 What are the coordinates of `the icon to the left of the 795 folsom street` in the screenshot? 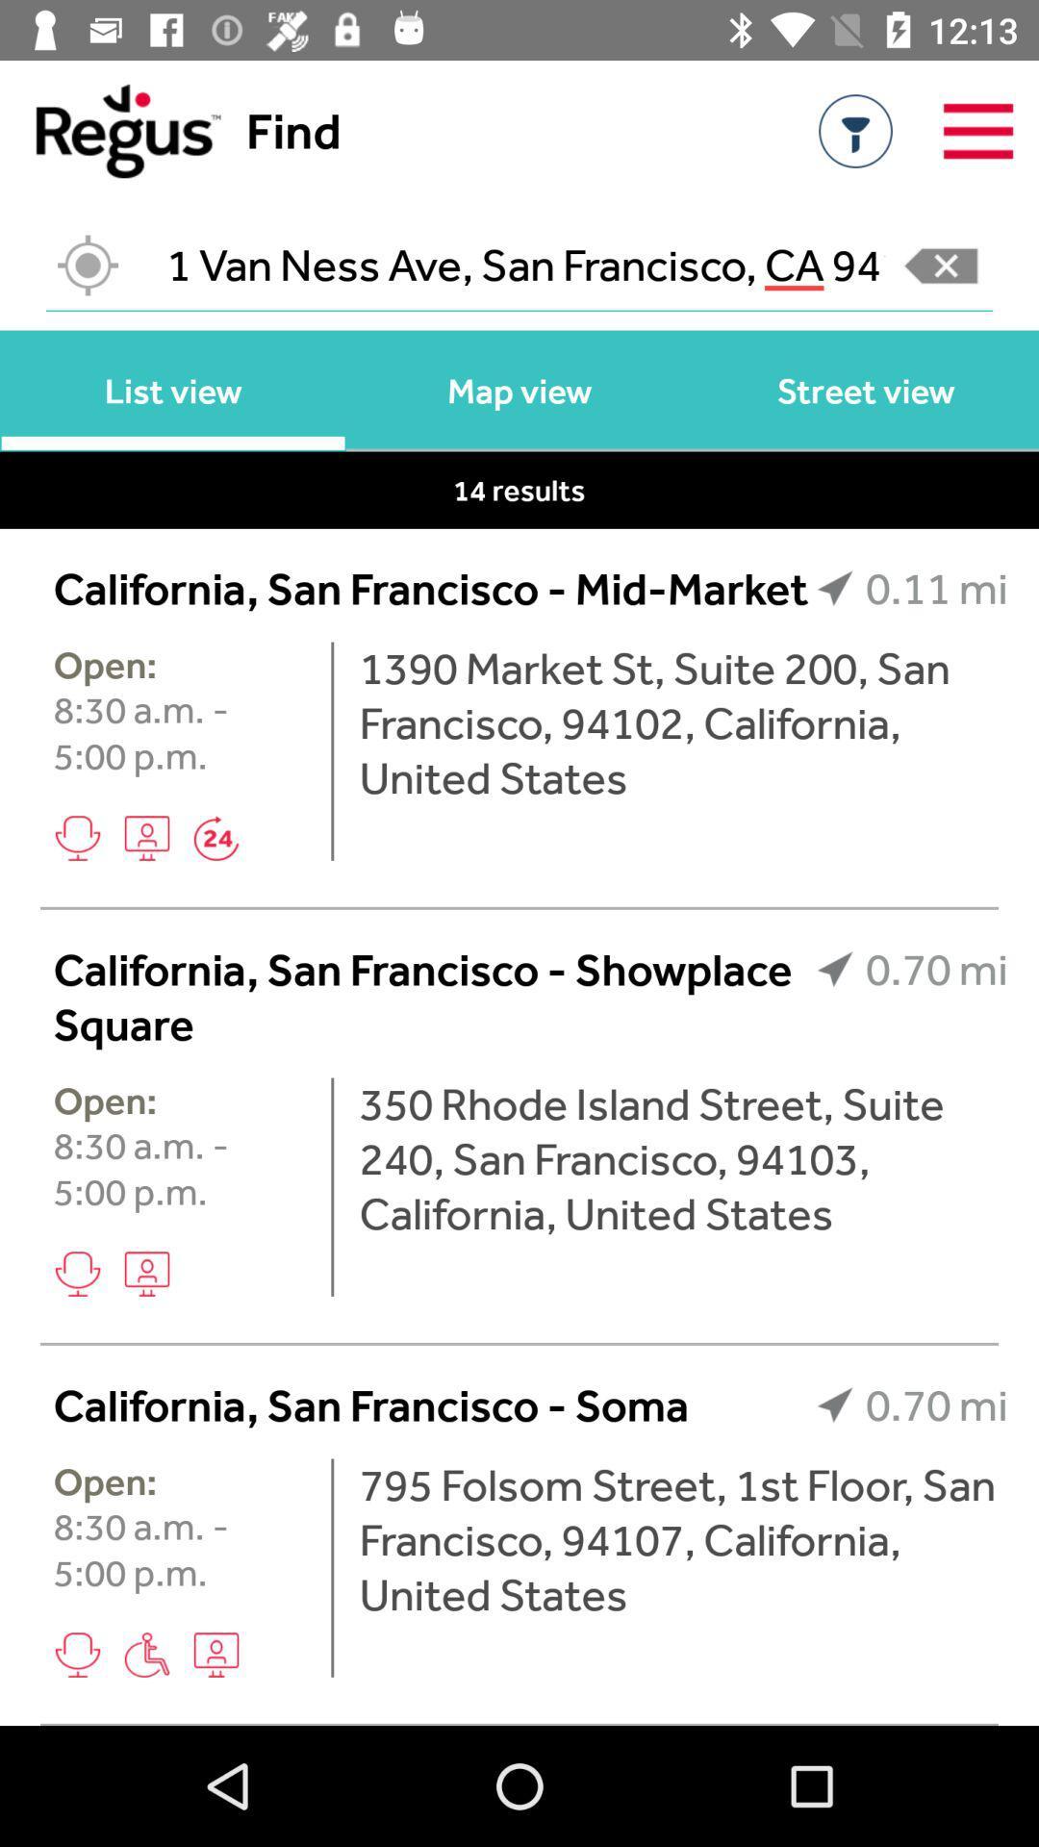 It's located at (331, 1568).